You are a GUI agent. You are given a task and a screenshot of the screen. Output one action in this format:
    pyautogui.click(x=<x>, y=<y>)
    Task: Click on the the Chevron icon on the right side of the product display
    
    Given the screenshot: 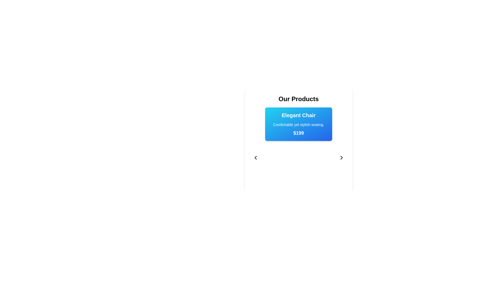 What is the action you would take?
    pyautogui.click(x=342, y=157)
    